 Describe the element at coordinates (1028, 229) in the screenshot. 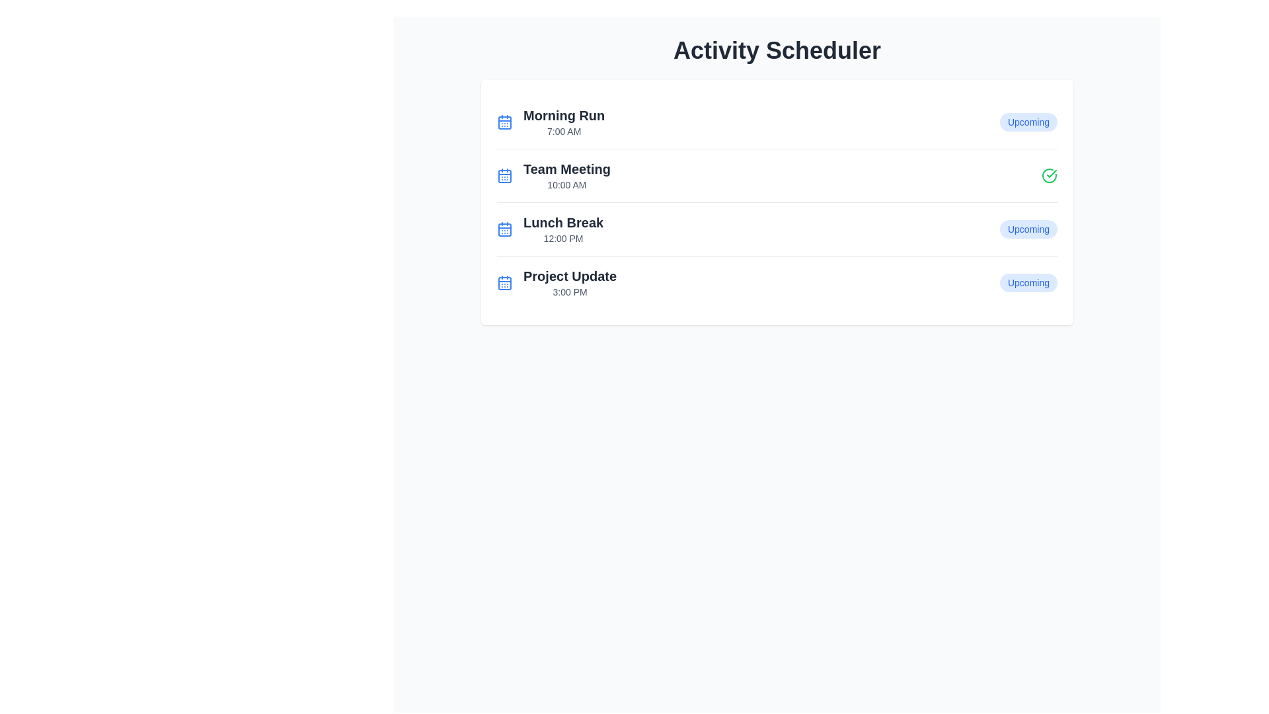

I see `the Status Badge indicating 'Lunch Break' scheduled for 12:00 PM, located to the far right of the row within the activity scheduler` at that location.